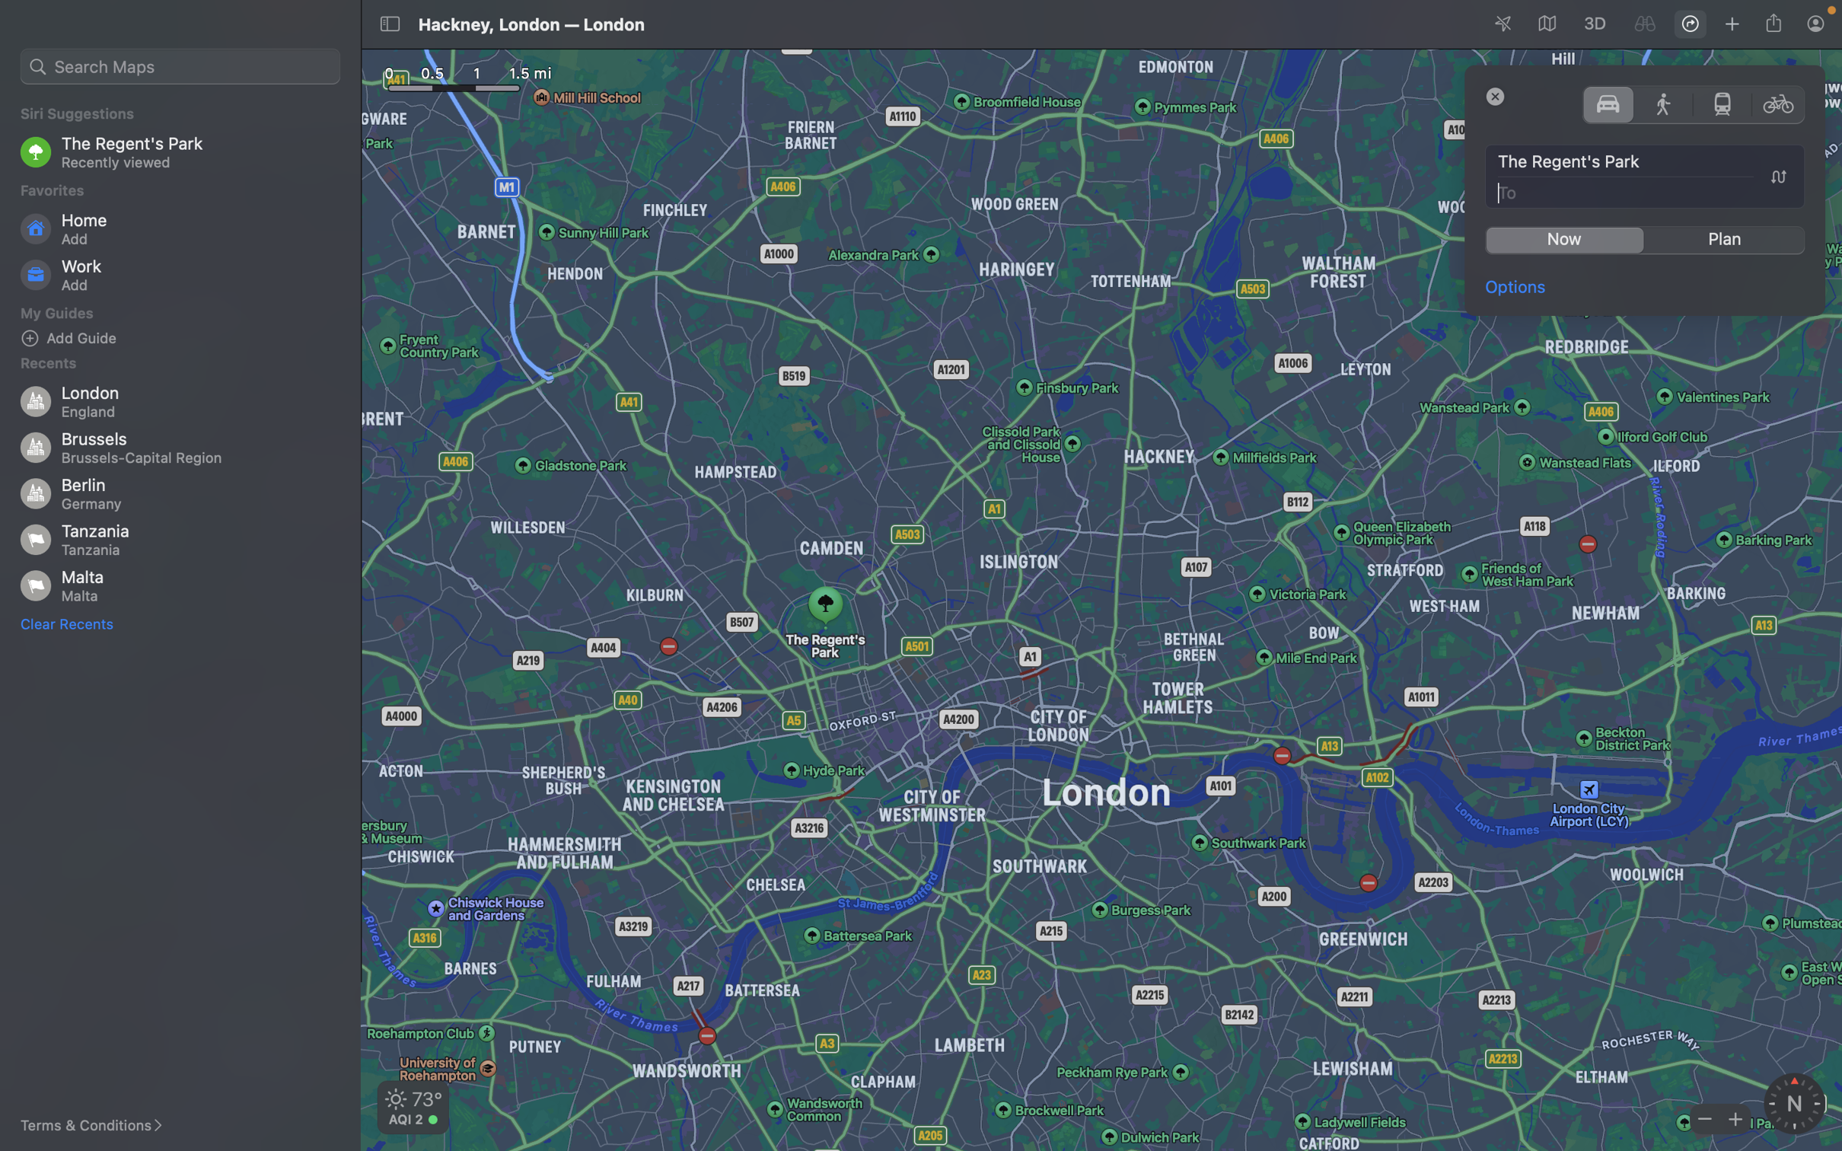 The image size is (1842, 1151). I want to click on Navigate and select the "terms & conditions" link to read them, so click(100, 1125).